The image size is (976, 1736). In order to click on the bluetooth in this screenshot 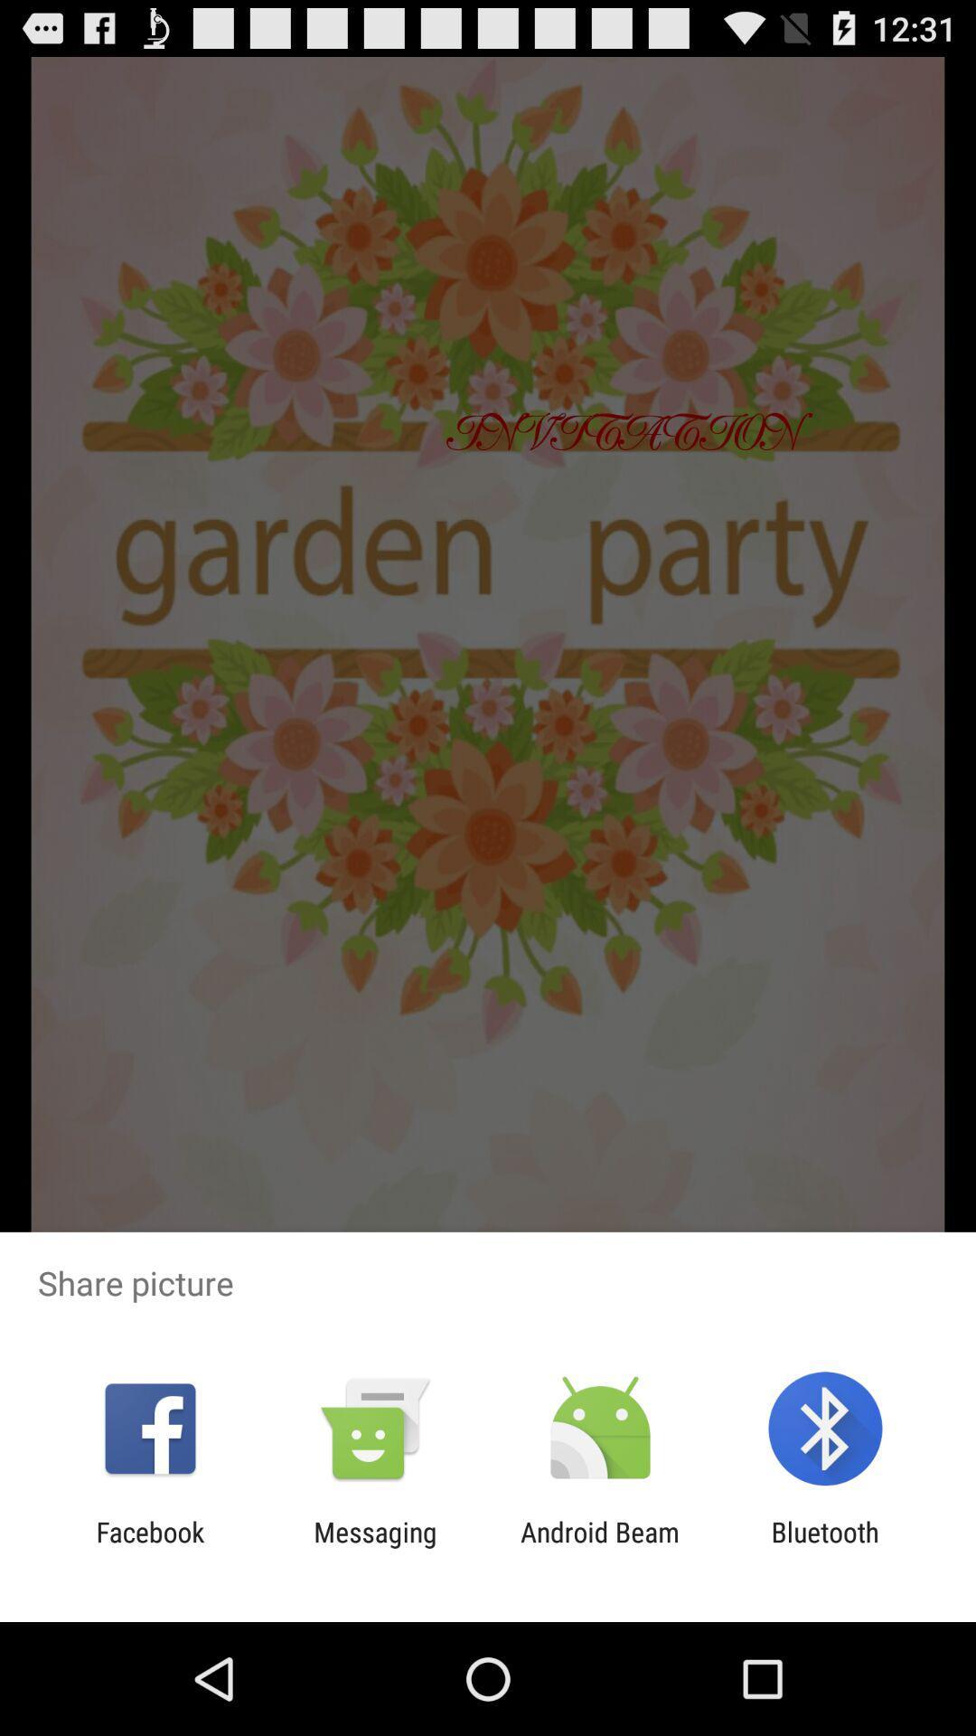, I will do `click(825, 1547)`.